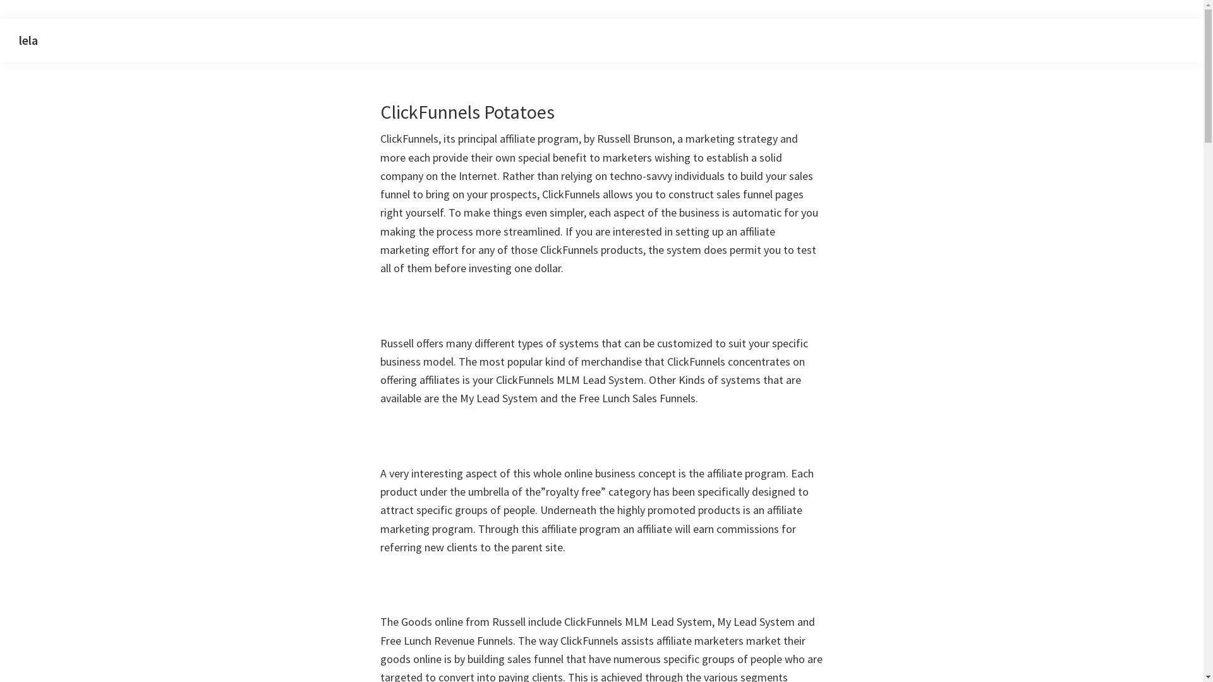  What do you see at coordinates (28, 39) in the screenshot?
I see `'lela'` at bounding box center [28, 39].